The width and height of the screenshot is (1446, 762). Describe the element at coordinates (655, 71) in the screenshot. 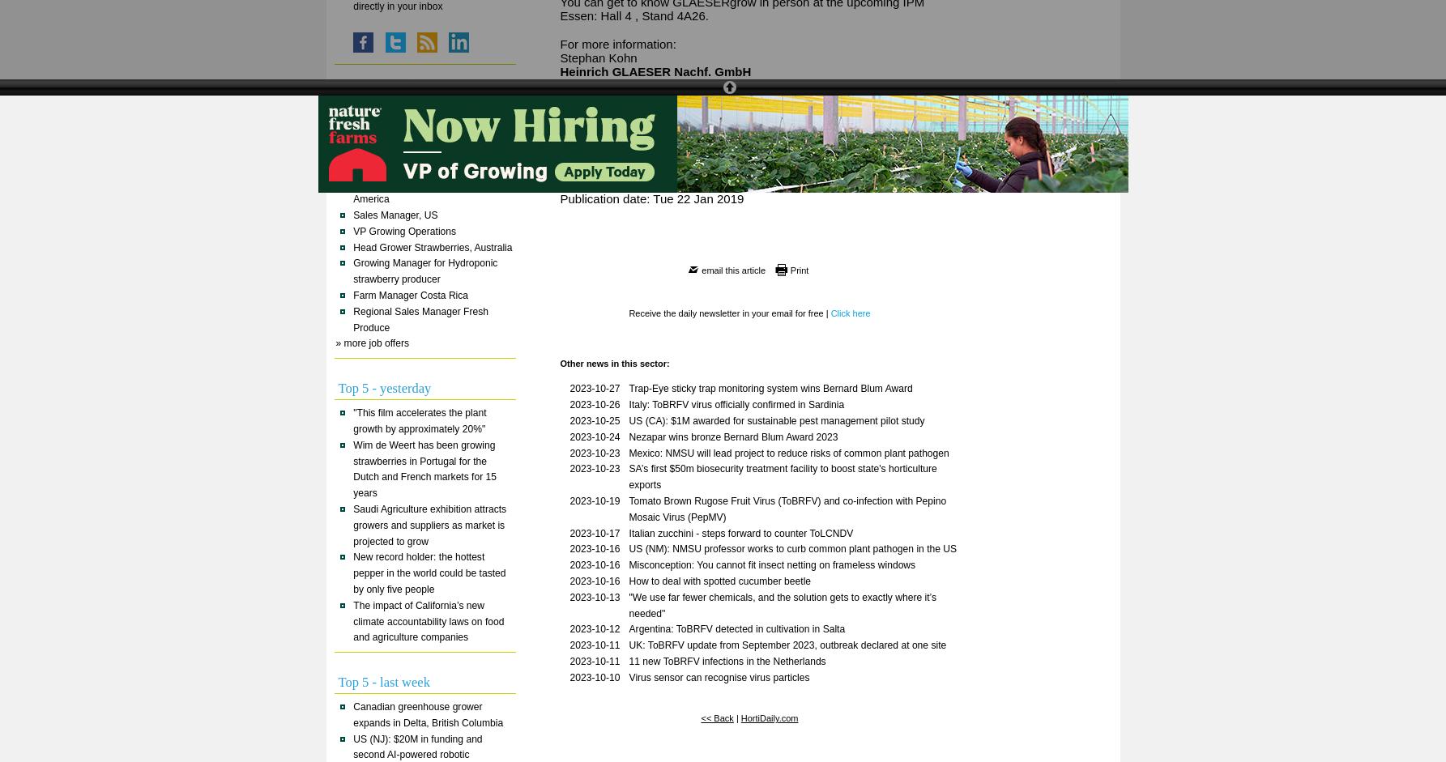

I see `'Heinrich GLAESER Nachf. GmbH'` at that location.